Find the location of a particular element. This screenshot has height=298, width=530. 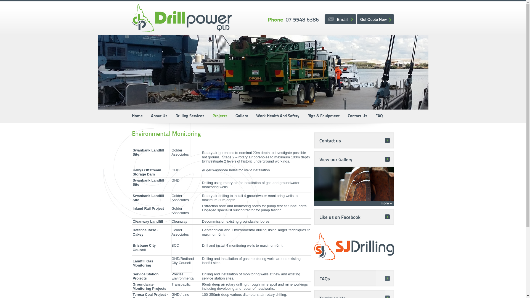

'Rigs & Equipment' is located at coordinates (303, 116).